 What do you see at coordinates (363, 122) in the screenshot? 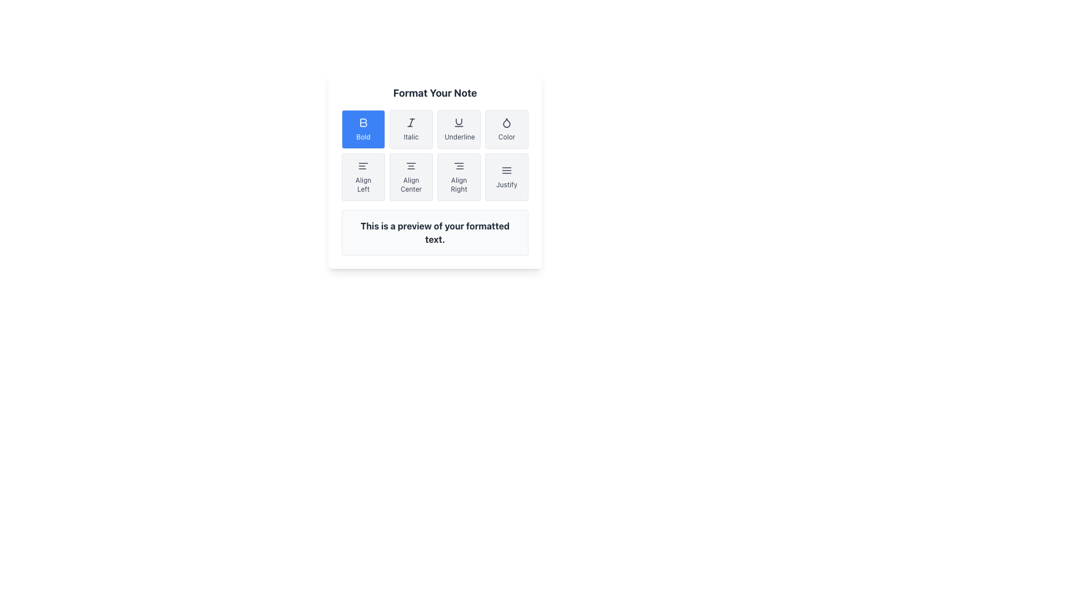
I see `the blue 'Bold' button at the top-left position in the 'Format Your Note' dialog` at bounding box center [363, 122].